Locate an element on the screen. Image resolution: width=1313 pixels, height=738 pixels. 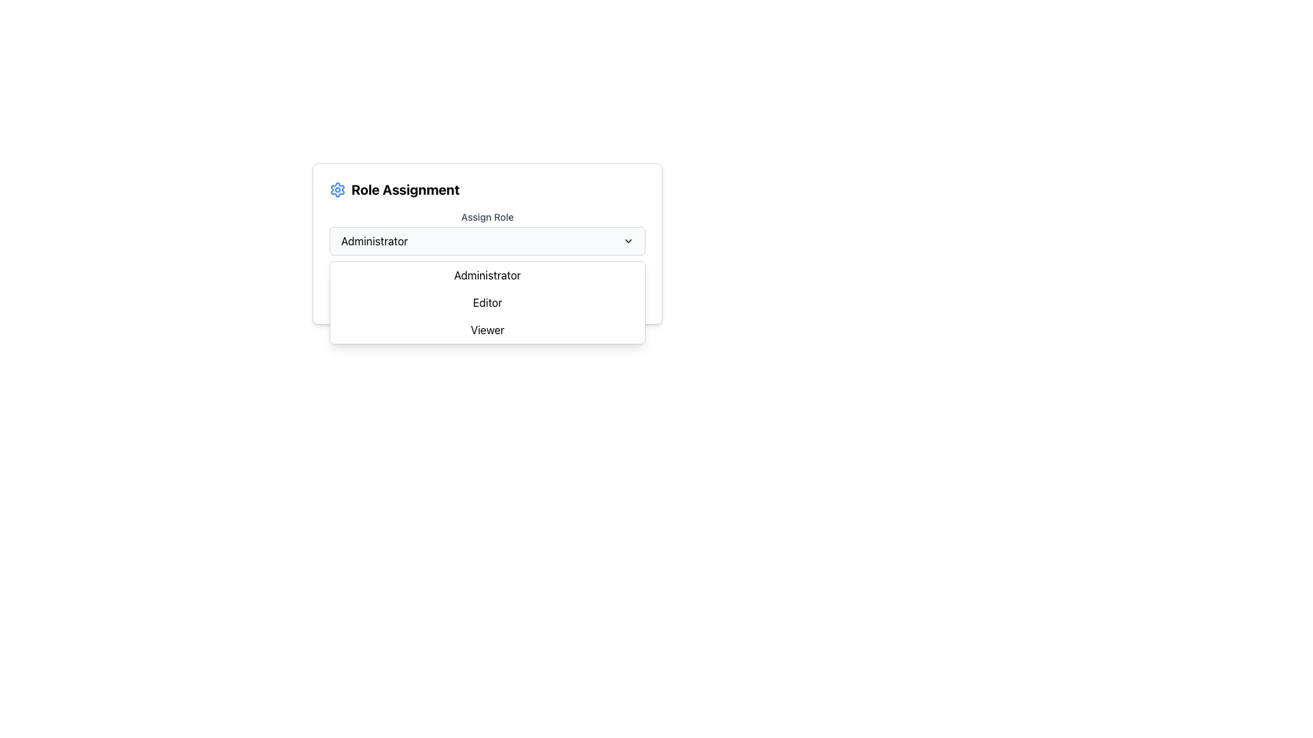
the Header text element, which serves as a section title located at the top center of a card layout, directly above the descriptive text about the selected role being Administrator is located at coordinates (488, 279).